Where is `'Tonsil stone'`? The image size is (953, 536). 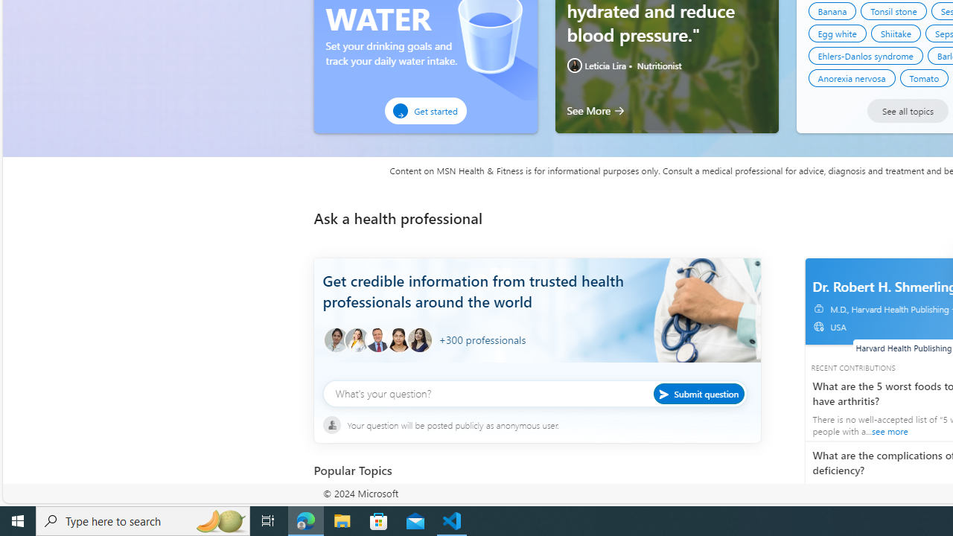 'Tonsil stone' is located at coordinates (893, 11).